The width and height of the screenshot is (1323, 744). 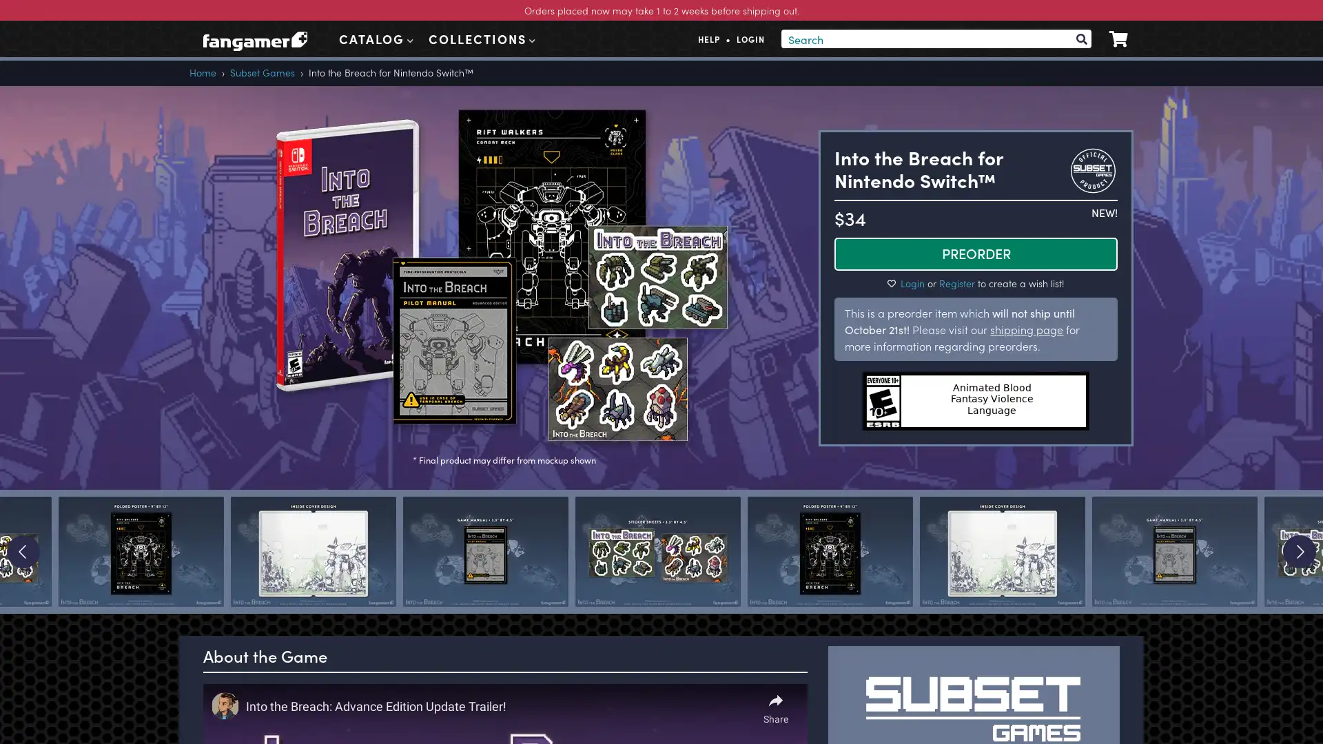 I want to click on Submit Search, so click(x=1080, y=38).